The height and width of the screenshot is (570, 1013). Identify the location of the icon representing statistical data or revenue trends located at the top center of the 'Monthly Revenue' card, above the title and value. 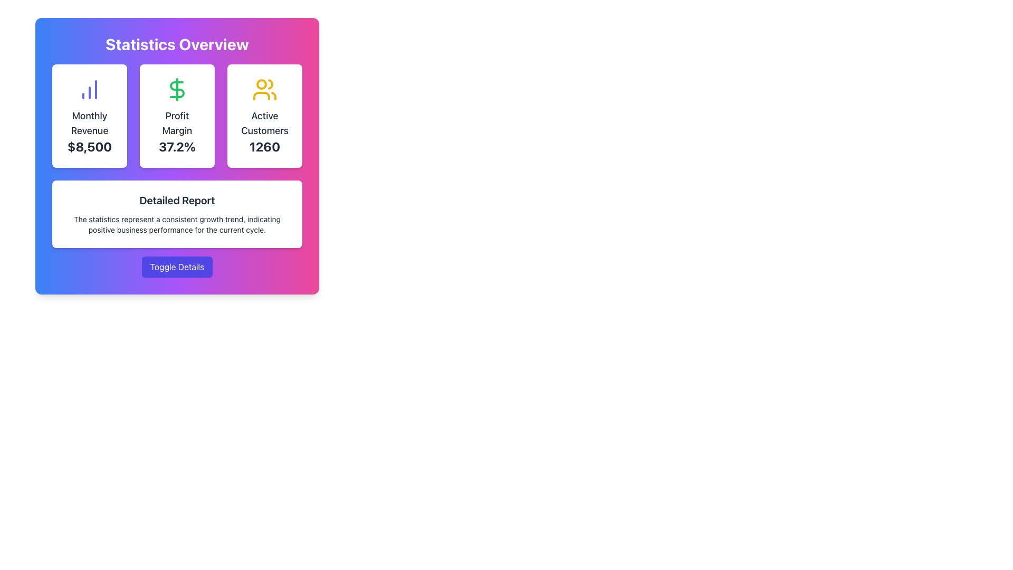
(89, 89).